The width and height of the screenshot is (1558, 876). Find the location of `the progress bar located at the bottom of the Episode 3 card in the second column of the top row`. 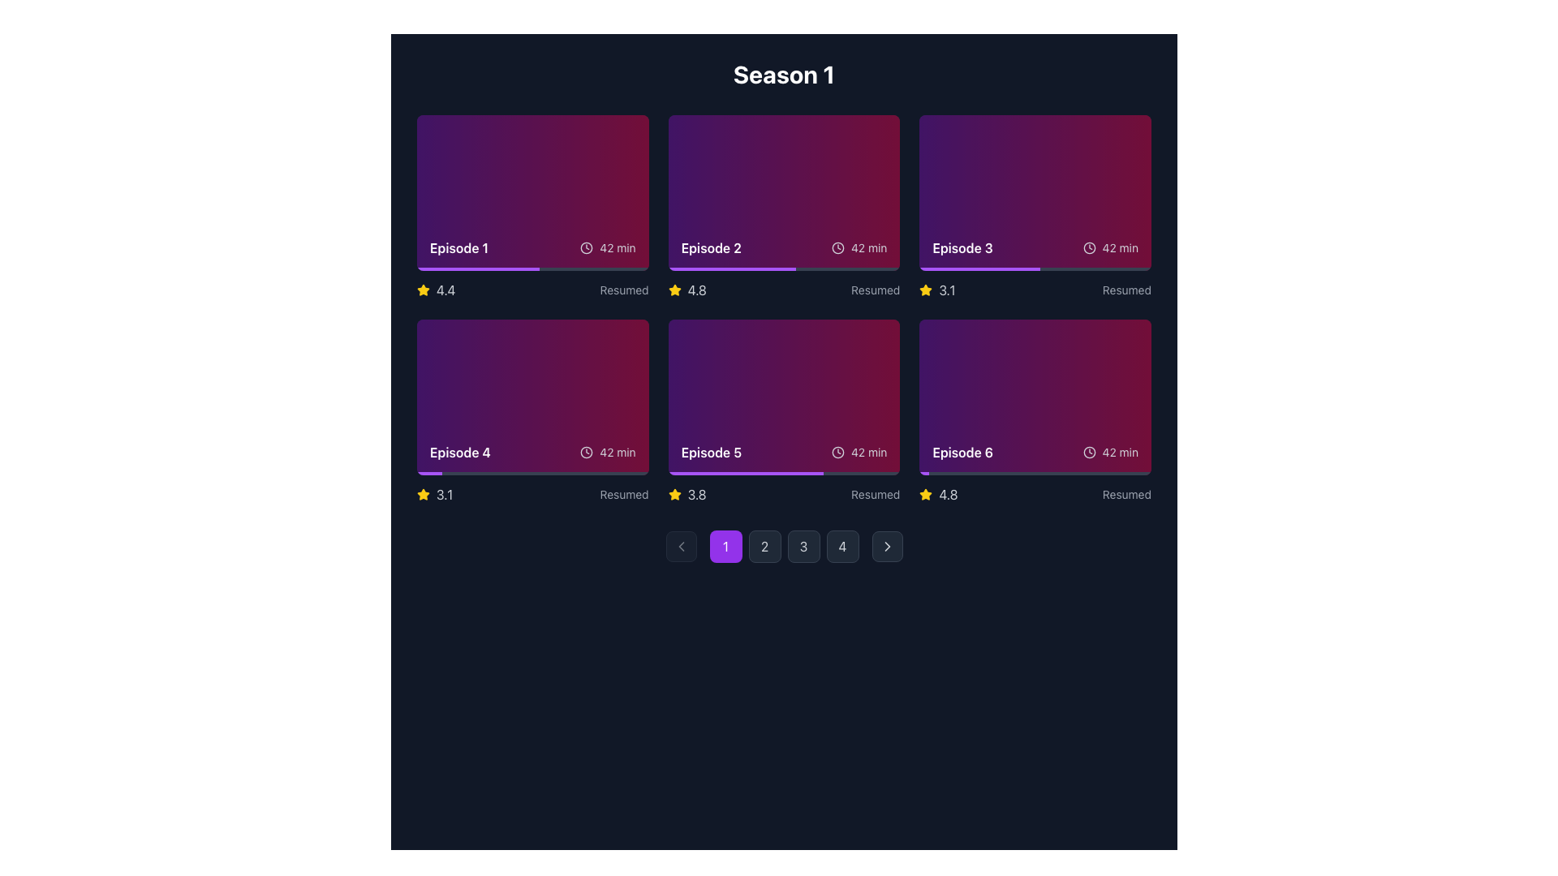

the progress bar located at the bottom of the Episode 3 card in the second column of the top row is located at coordinates (1035, 268).